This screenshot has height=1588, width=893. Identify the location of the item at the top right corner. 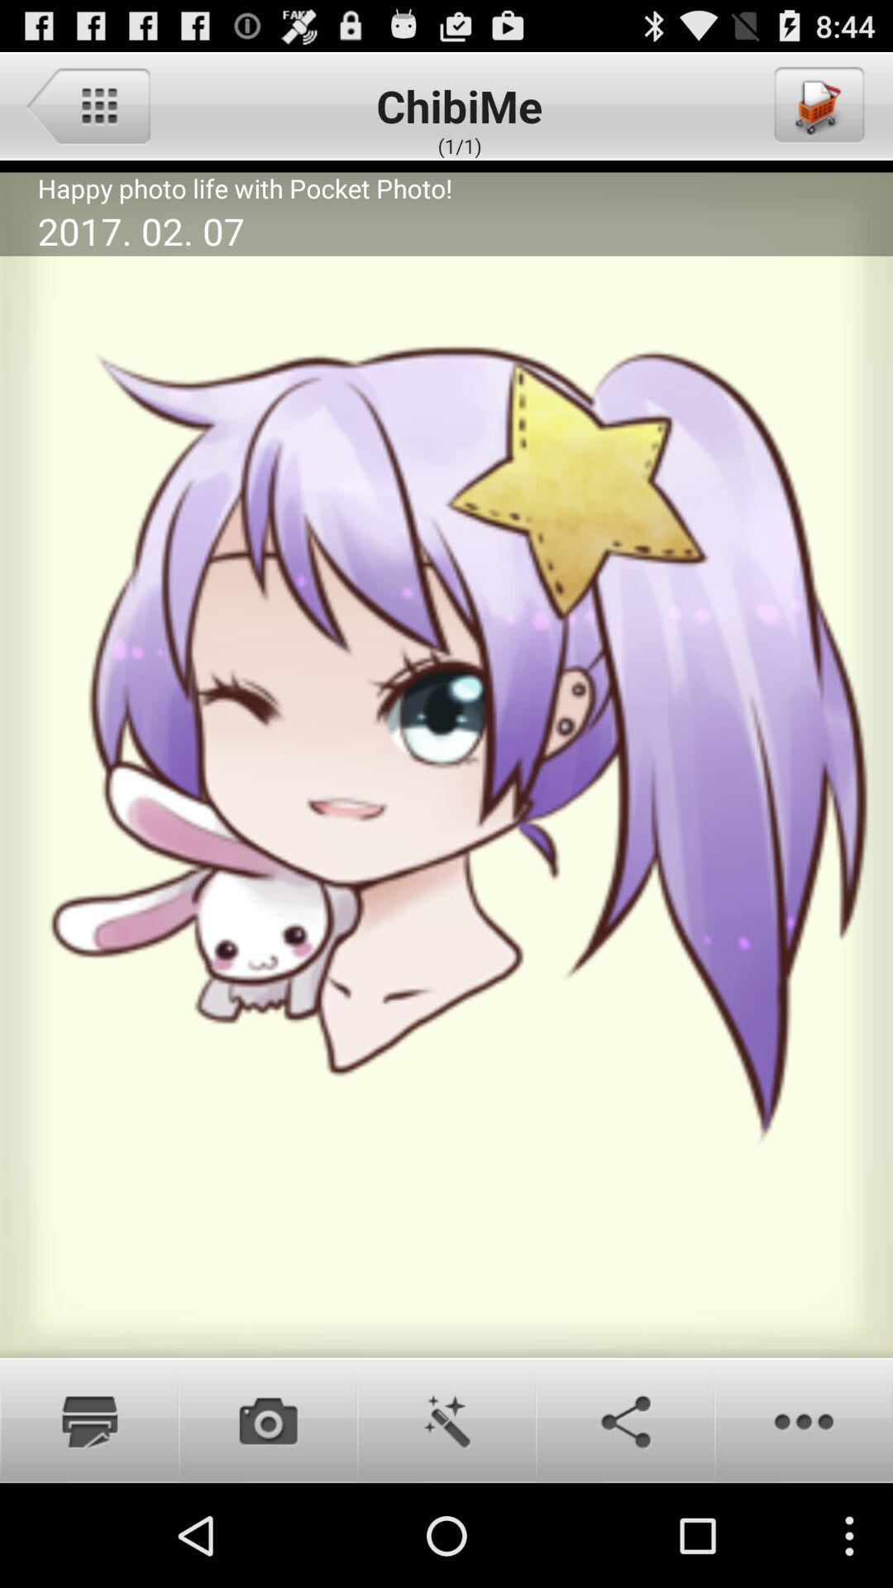
(817, 104).